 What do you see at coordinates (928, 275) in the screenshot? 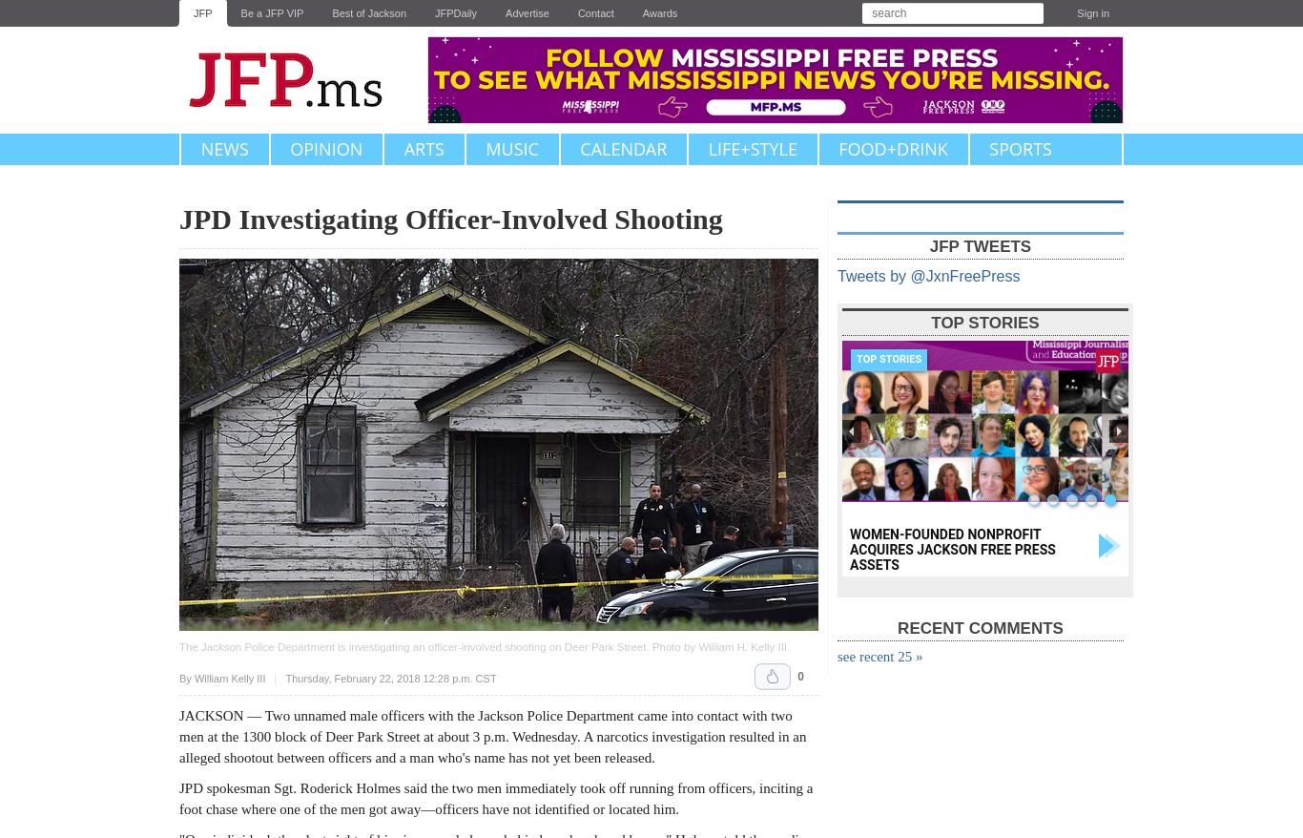
I see `'Tweets by @JxnFreePress'` at bounding box center [928, 275].